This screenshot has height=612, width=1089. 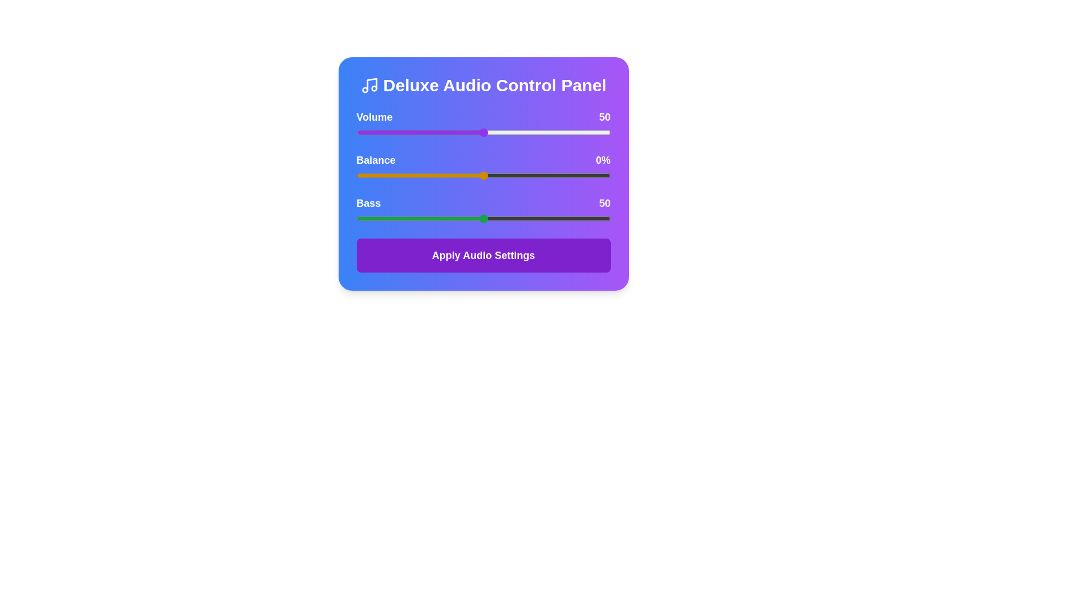 I want to click on the text display field that shows the current setting or level of the 'Bass' parameter, located in the top-right corner of the purple panel next to the label 'Bass', so click(x=604, y=117).